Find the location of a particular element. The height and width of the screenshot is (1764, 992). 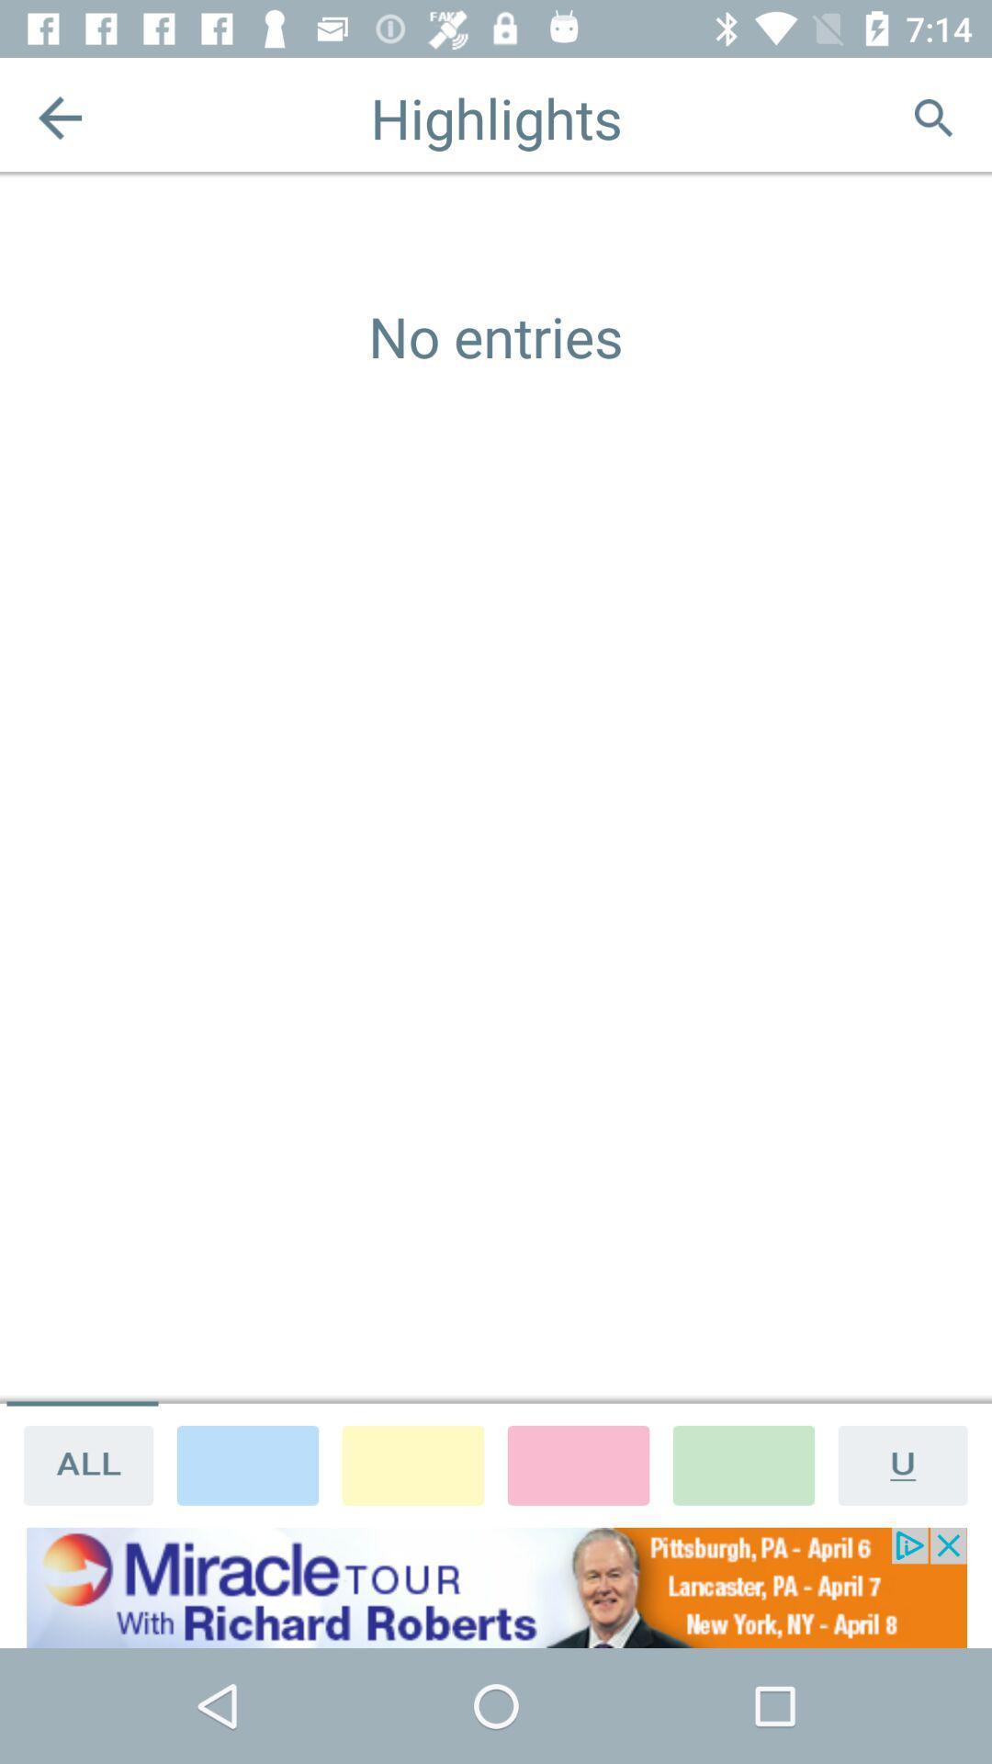

the arrow_backward icon is located at coordinates (59, 117).